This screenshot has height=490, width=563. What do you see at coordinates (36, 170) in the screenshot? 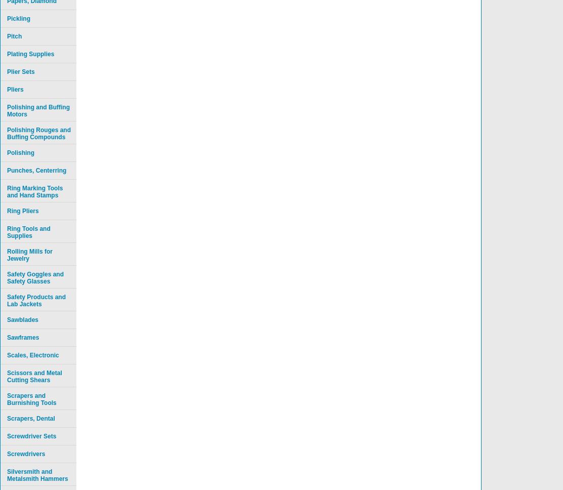
I see `'Punches, Centerring'` at bounding box center [36, 170].